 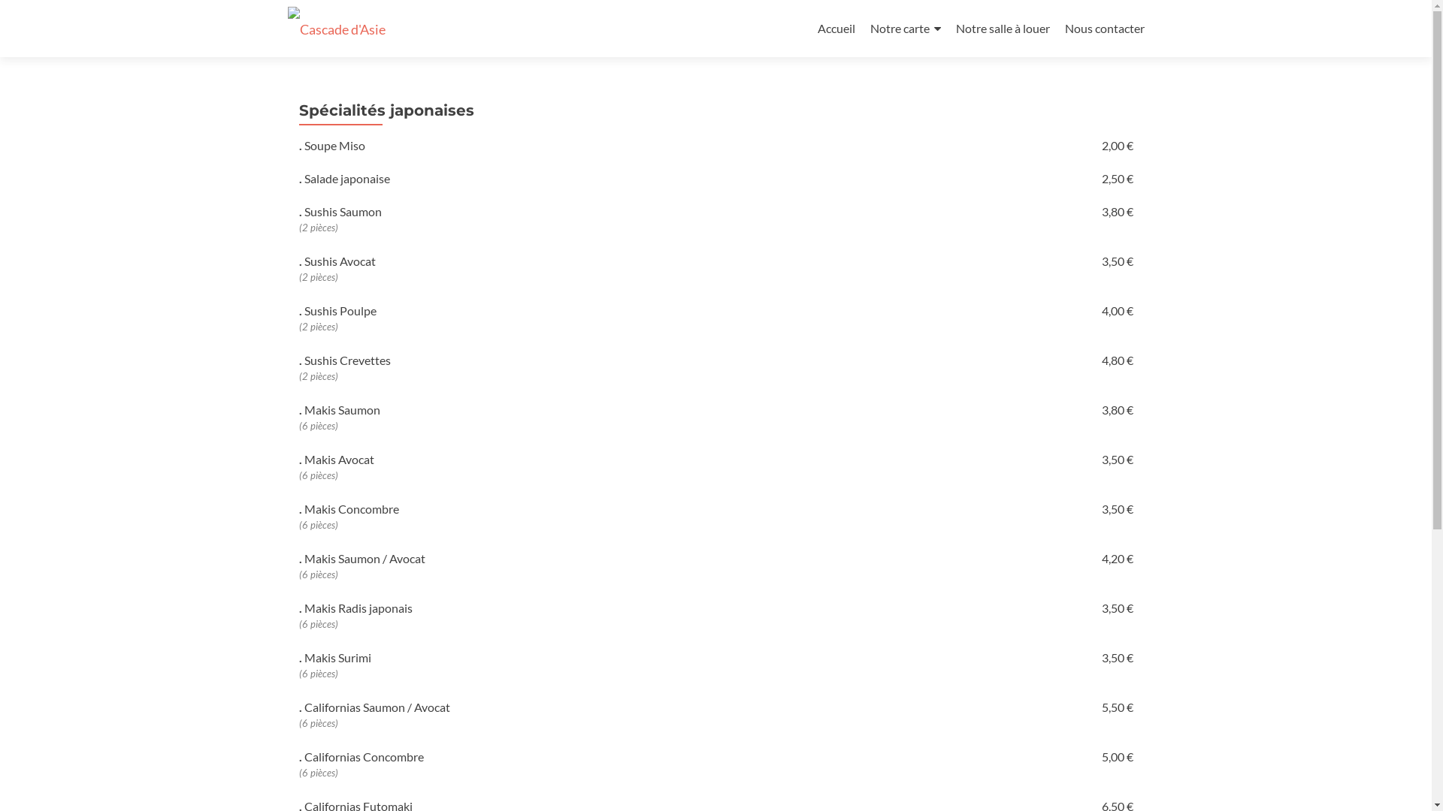 What do you see at coordinates (836, 28) in the screenshot?
I see `'Accueil'` at bounding box center [836, 28].